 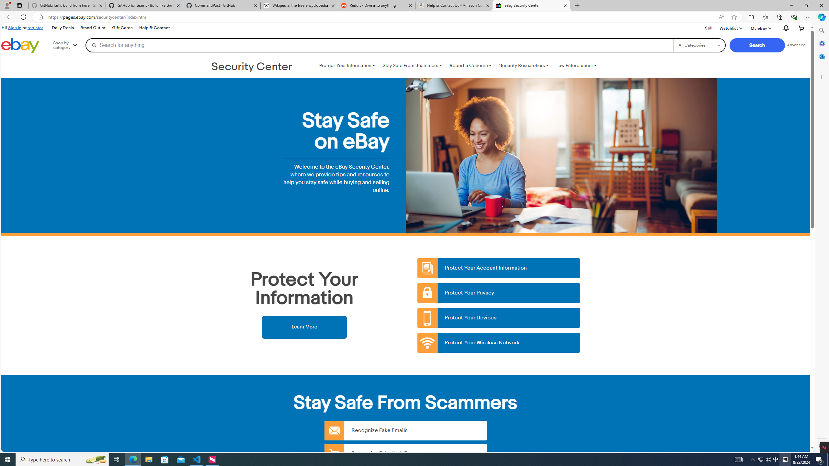 What do you see at coordinates (92, 28) in the screenshot?
I see `'Brand Outlet'` at bounding box center [92, 28].